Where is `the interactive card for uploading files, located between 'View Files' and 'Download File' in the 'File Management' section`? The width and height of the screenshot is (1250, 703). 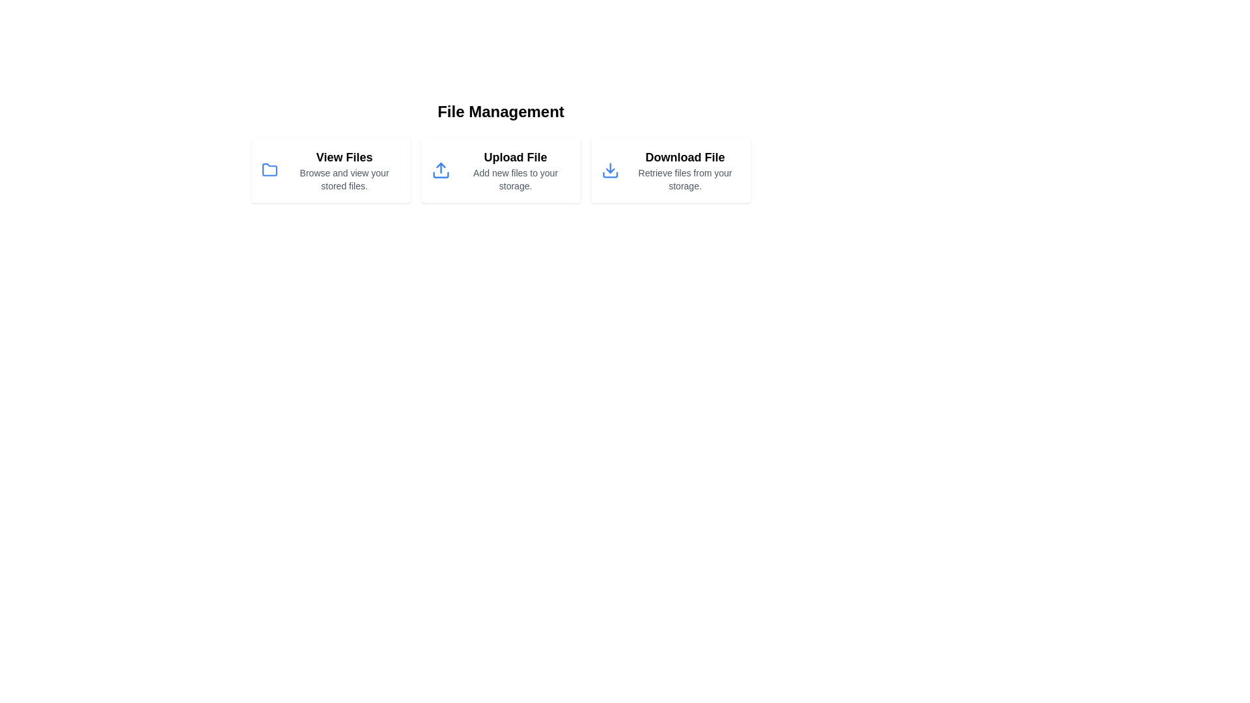
the interactive card for uploading files, located between 'View Files' and 'Download File' in the 'File Management' section is located at coordinates (500, 152).